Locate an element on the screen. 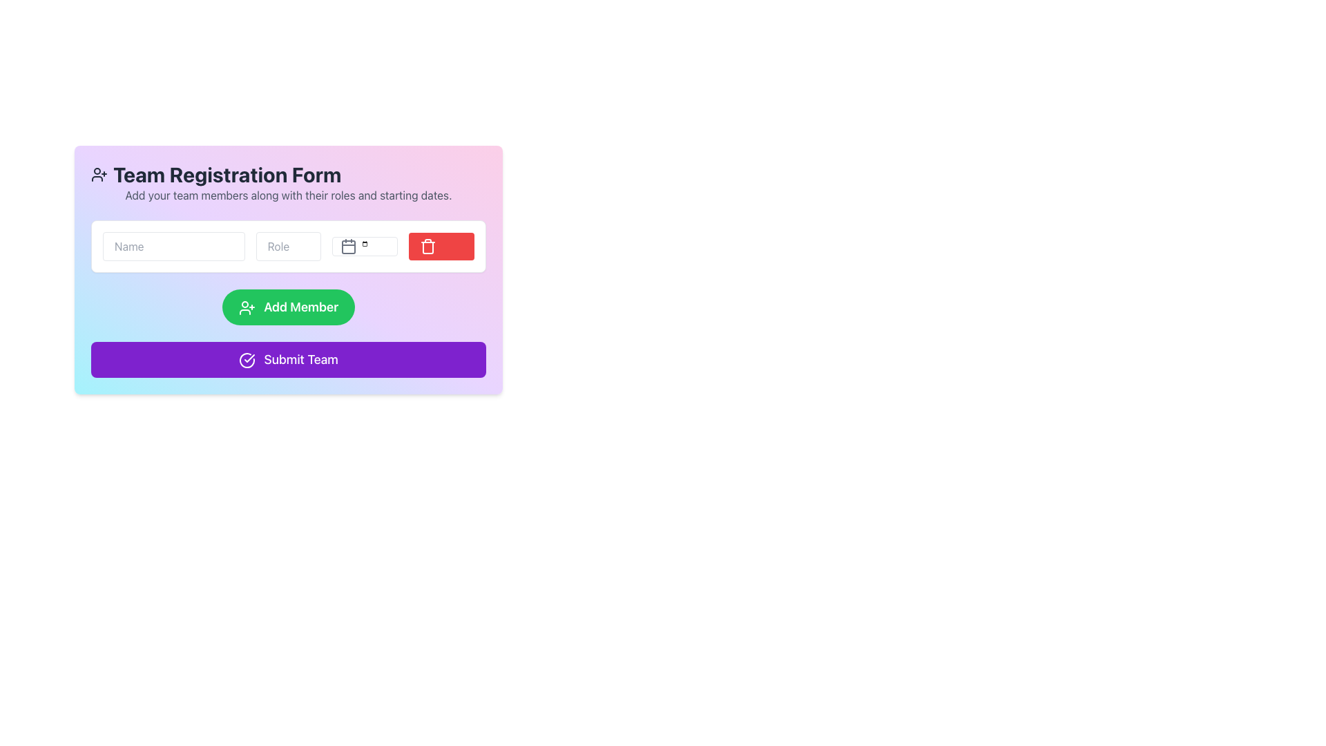 This screenshot has width=1326, height=746. the user icon with a plus sign located to the immediate left of the 'Team Registration Form' title in the header area is located at coordinates (99, 174).